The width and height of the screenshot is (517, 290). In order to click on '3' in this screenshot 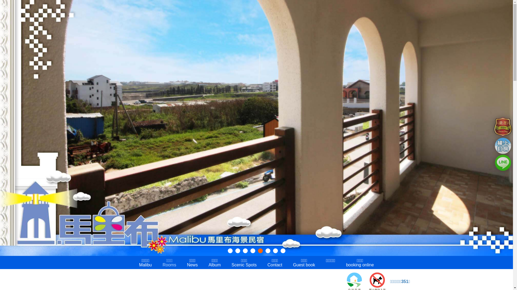, I will do `click(245, 251)`.